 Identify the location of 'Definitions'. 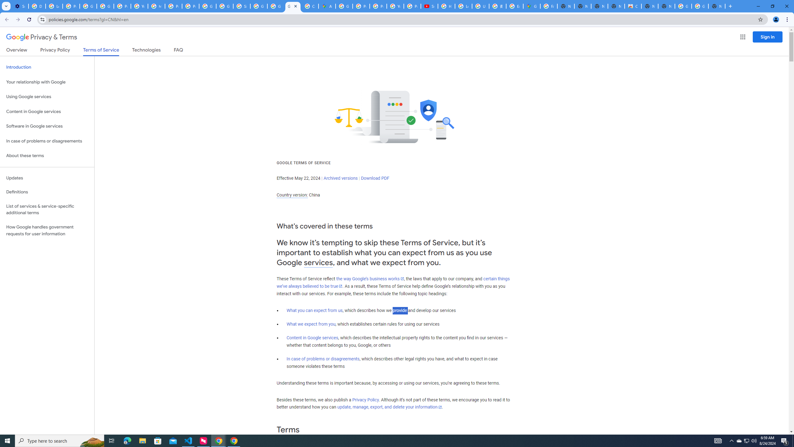
(47, 192).